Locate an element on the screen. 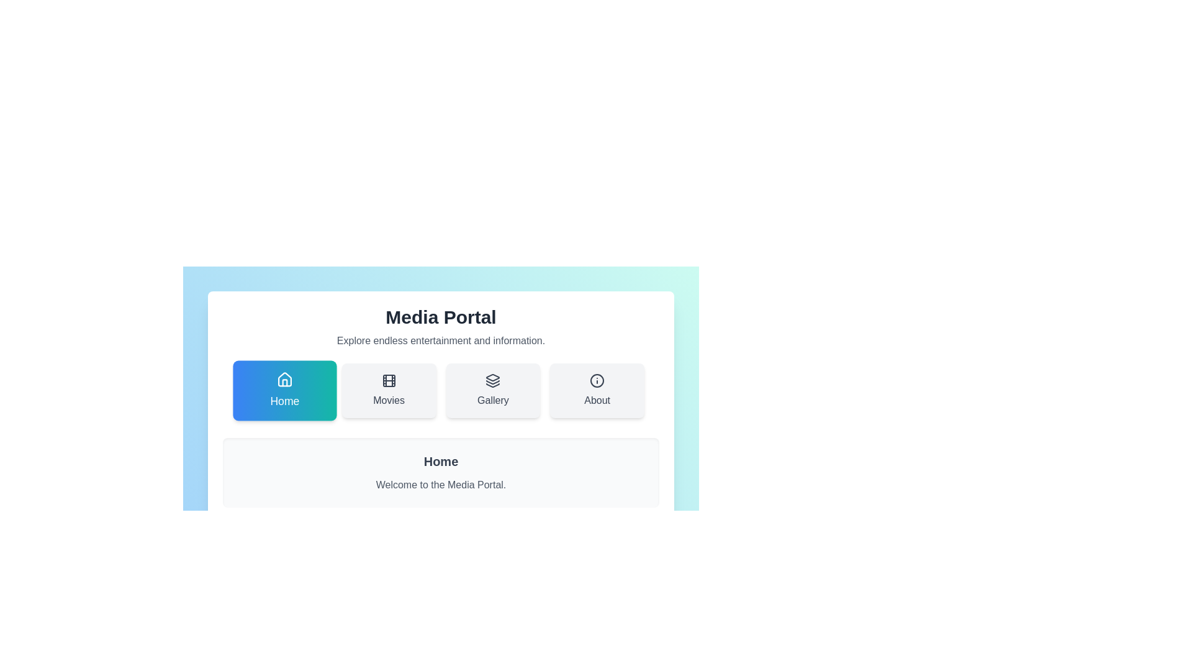  the house-shaped icon is located at coordinates (284, 379).